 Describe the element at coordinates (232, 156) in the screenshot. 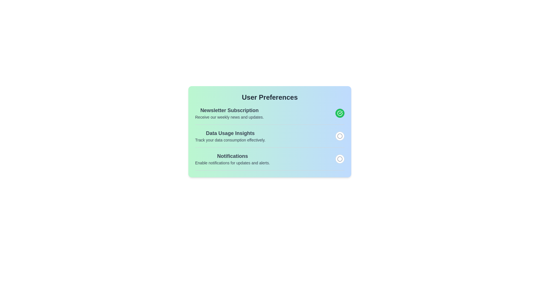

I see `the 'Notifications' label, which is a bold text element in dark gray color, located in the 'User Preferences' section, directly above the smaller descriptive text` at that location.